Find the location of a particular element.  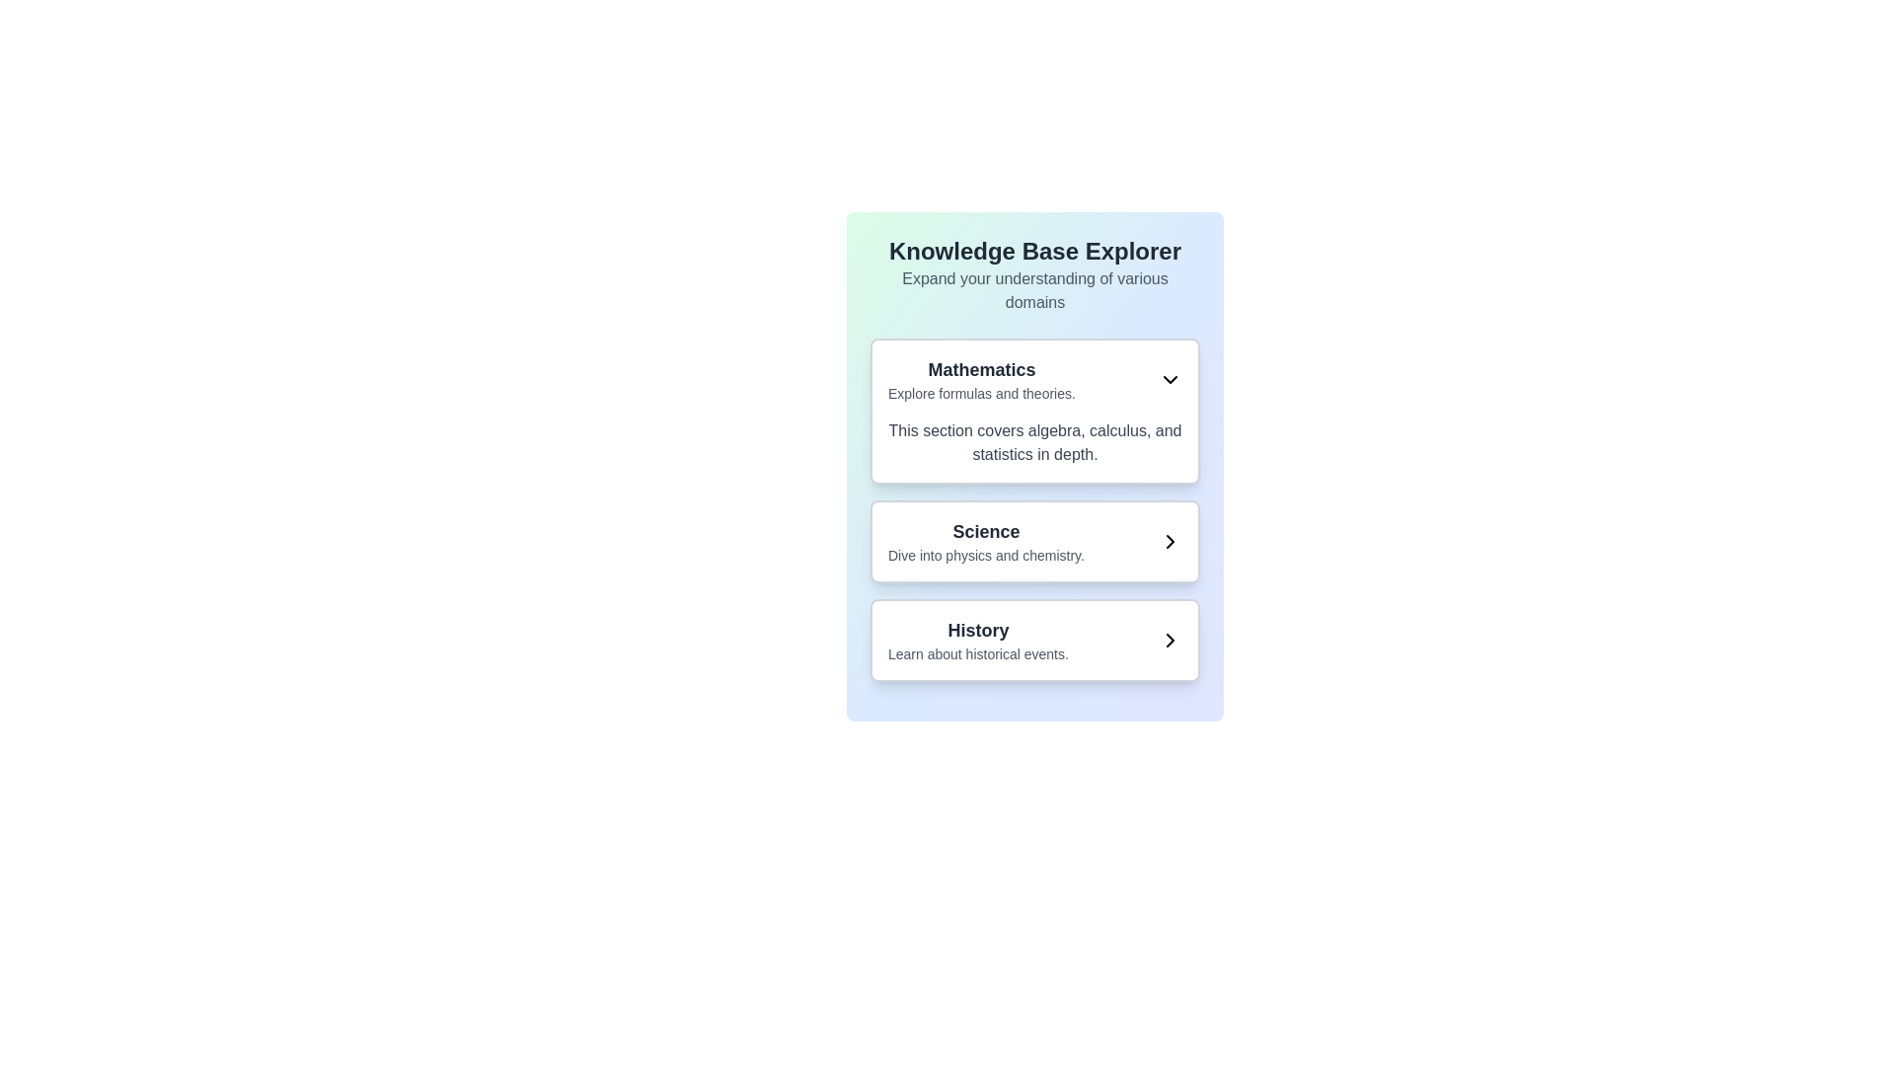

the 'Mathematics' expandable category header is located at coordinates (1034, 380).